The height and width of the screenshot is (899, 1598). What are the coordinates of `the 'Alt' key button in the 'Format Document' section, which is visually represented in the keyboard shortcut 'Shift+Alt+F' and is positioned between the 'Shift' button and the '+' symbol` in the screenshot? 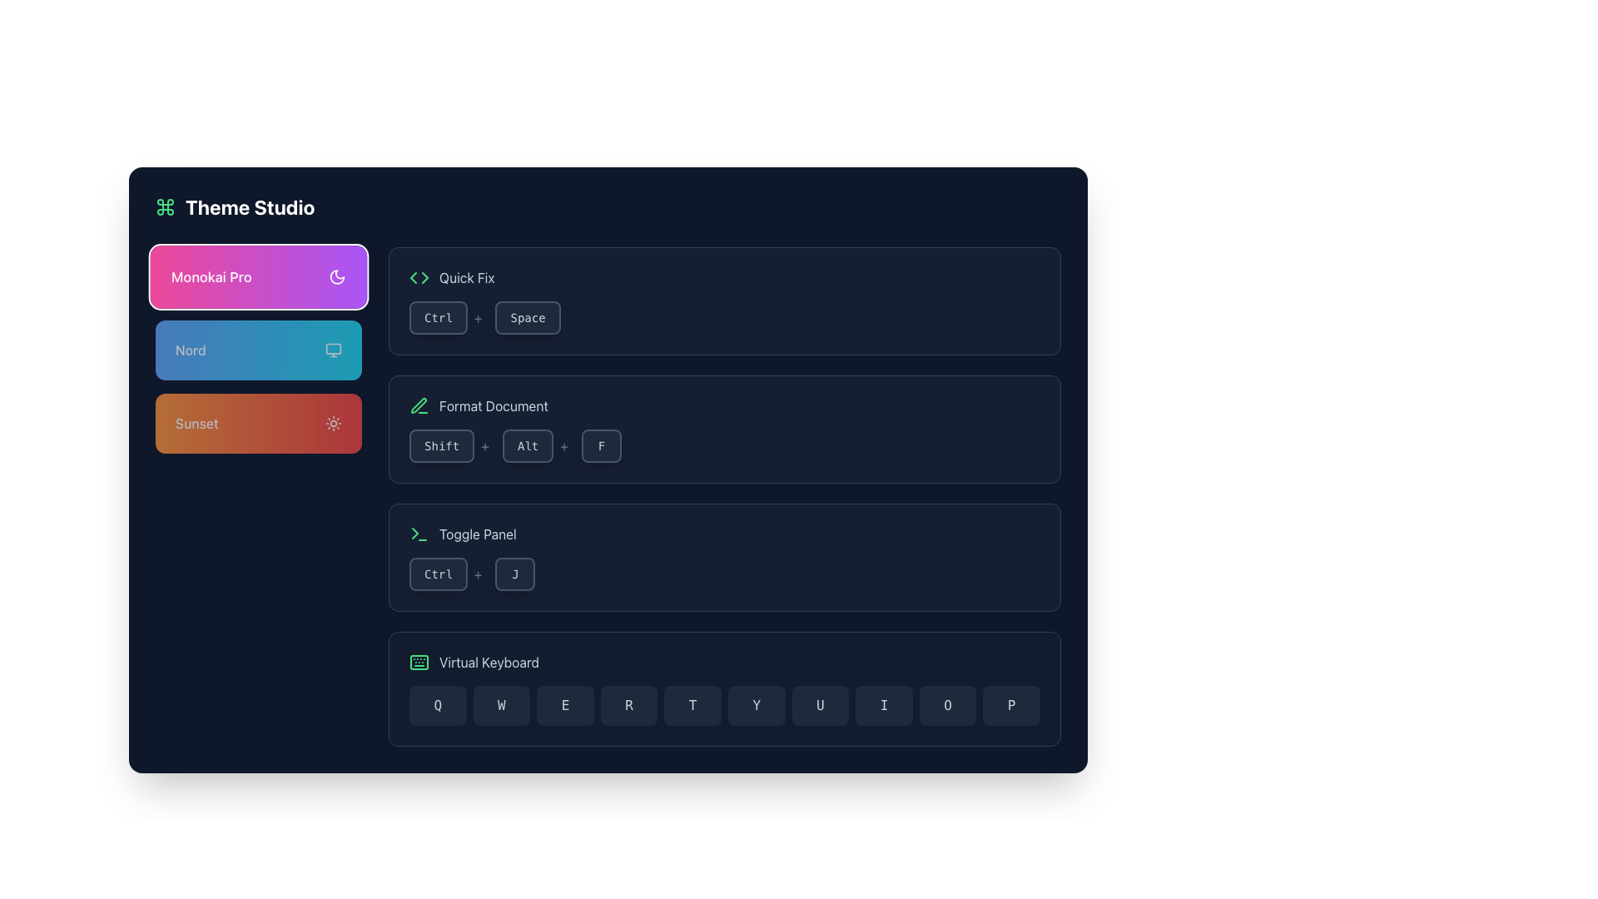 It's located at (538, 445).